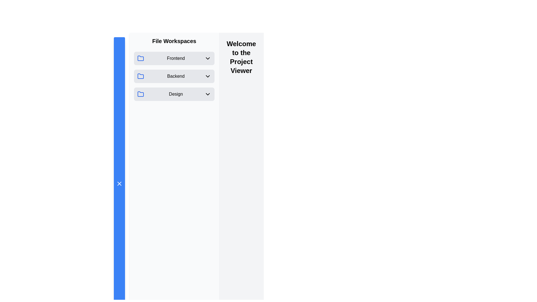 This screenshot has width=537, height=302. I want to click on the downward-pointing chevron icon located to the right of the 'Backend' text, so click(208, 76).